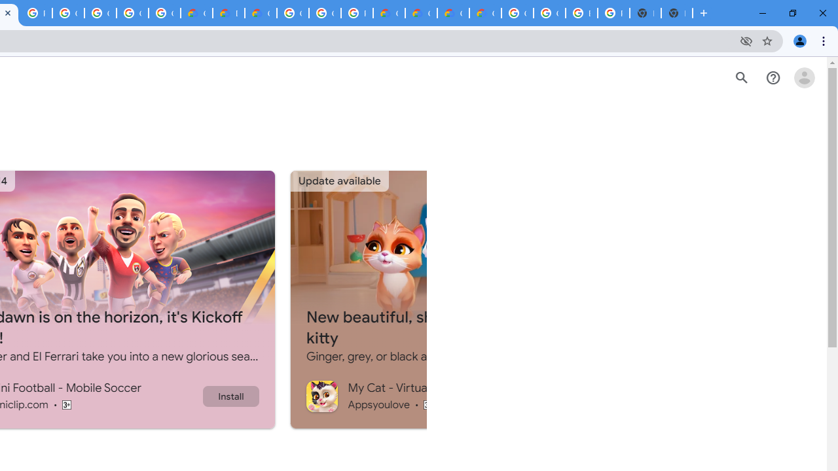 The height and width of the screenshot is (471, 838). I want to click on 'Google Cloud Platform', so click(325, 13).